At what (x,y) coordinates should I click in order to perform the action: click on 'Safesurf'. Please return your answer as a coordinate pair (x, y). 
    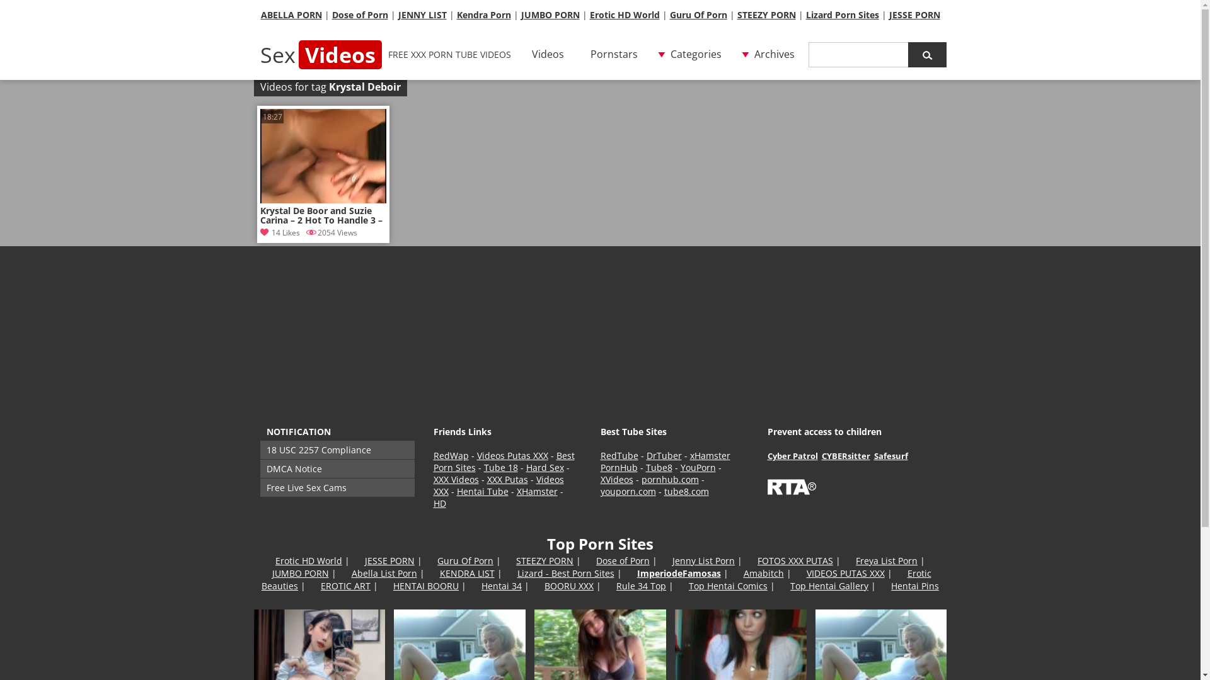
    Looking at the image, I should click on (873, 456).